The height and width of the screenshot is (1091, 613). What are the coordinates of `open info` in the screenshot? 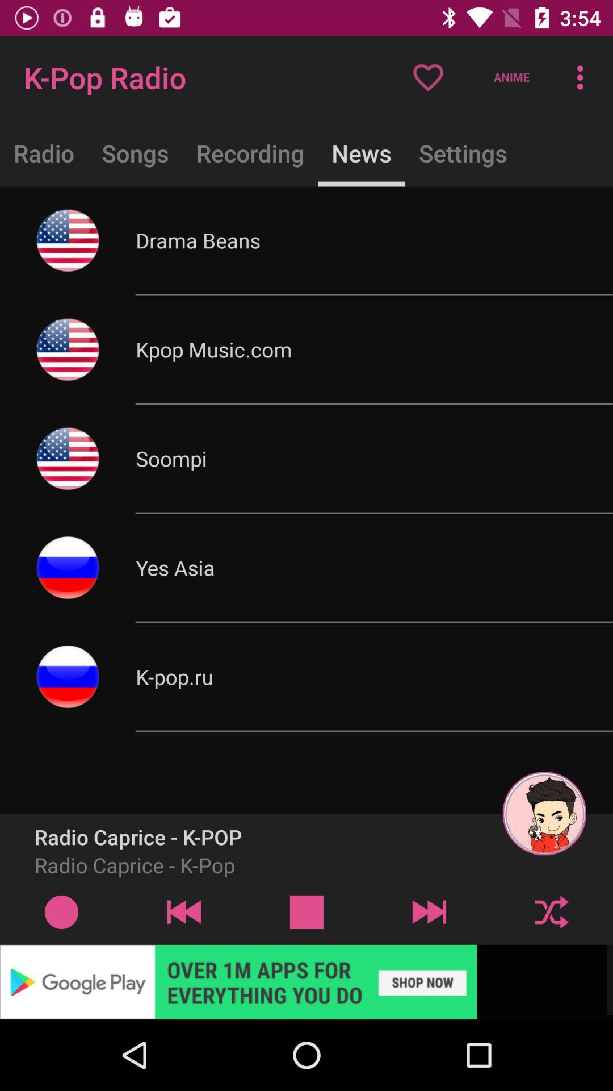 It's located at (61, 911).